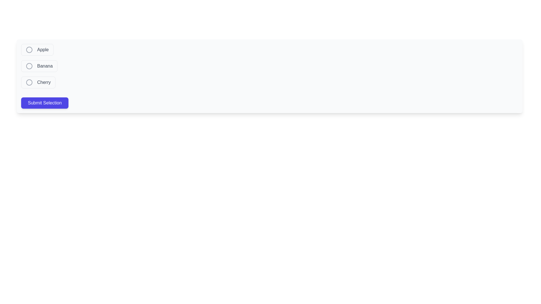  Describe the element at coordinates (29, 66) in the screenshot. I see `the circle element representing the 'Banana' option in the multi-choice selection box by moving the cursor to its center point` at that location.